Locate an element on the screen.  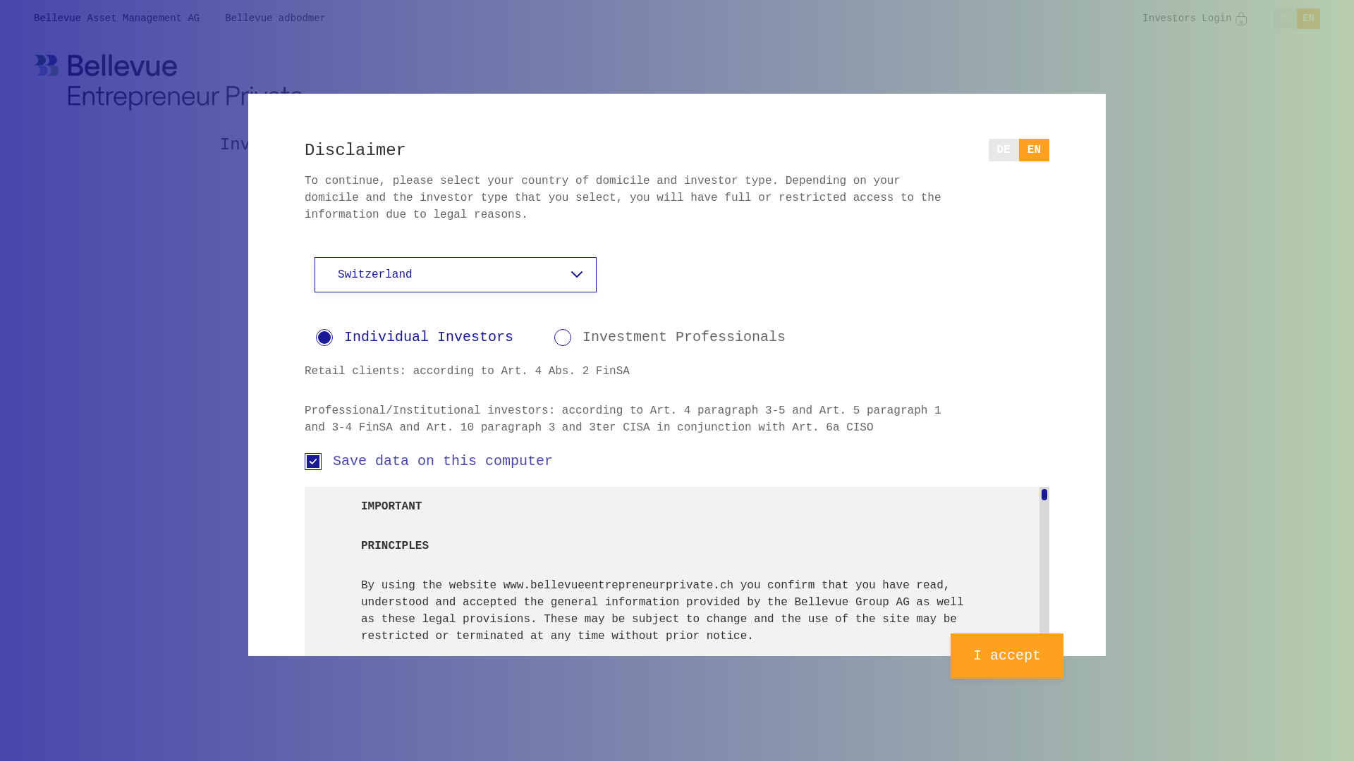
'I accept' is located at coordinates (1006, 655).